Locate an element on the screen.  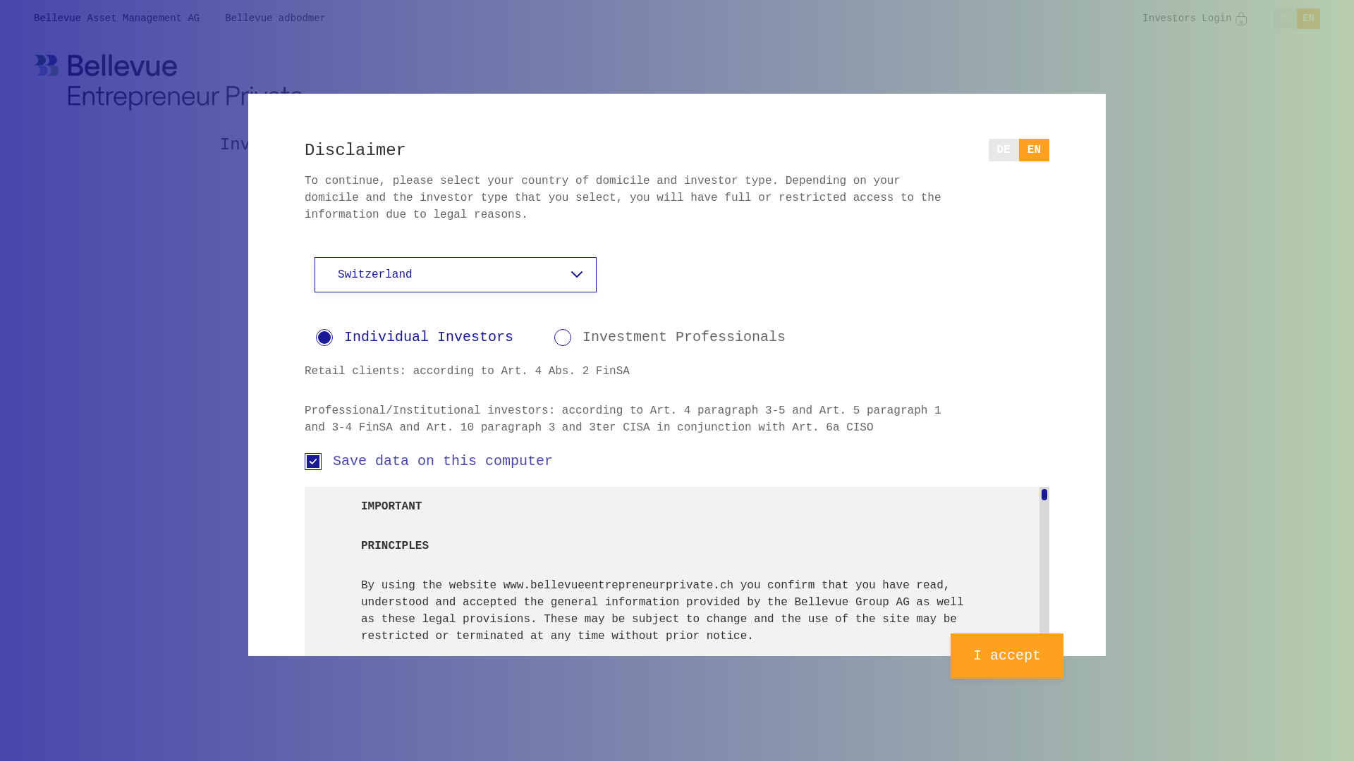
'I accept' is located at coordinates (1006, 655).